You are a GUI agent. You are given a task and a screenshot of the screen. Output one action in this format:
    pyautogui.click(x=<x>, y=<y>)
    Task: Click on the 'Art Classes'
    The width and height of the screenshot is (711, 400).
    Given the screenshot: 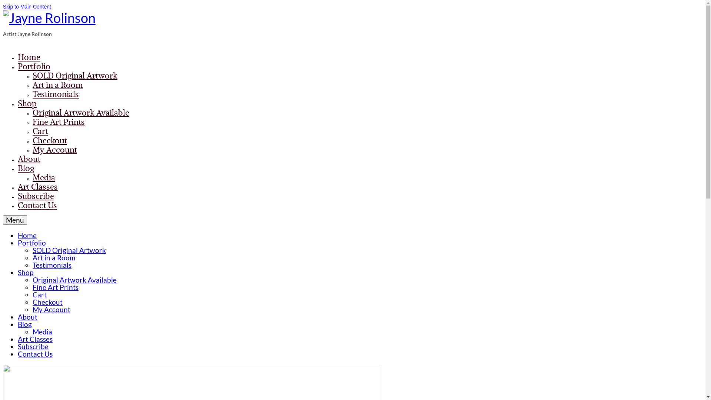 What is the action you would take?
    pyautogui.click(x=35, y=339)
    